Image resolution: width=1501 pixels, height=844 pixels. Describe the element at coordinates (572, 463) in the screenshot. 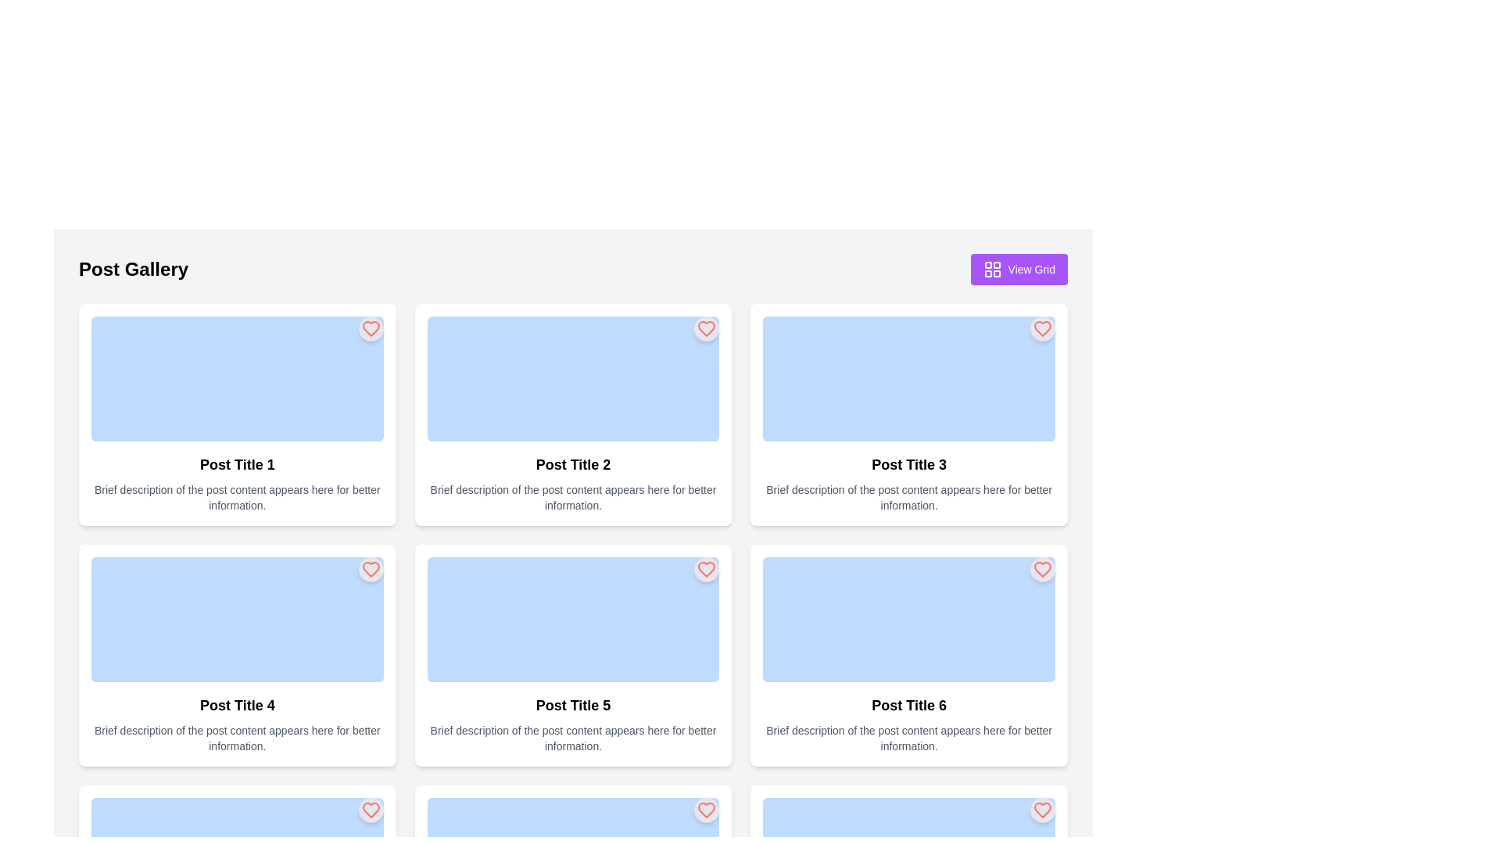

I see `prominently styled heading text 'Post Title 2' located centrally within the second card of the grid layout` at that location.